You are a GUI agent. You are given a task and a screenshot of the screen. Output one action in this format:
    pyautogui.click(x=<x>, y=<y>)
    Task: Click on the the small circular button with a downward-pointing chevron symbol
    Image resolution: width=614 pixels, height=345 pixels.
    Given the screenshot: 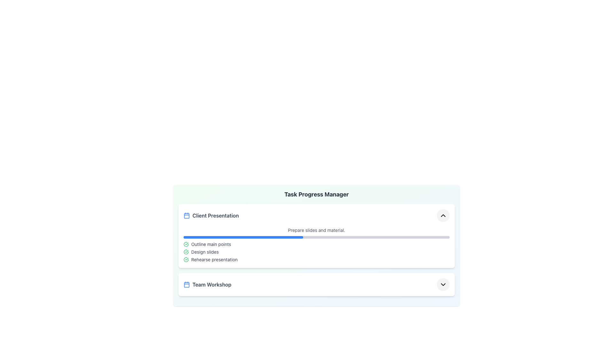 What is the action you would take?
    pyautogui.click(x=443, y=284)
    